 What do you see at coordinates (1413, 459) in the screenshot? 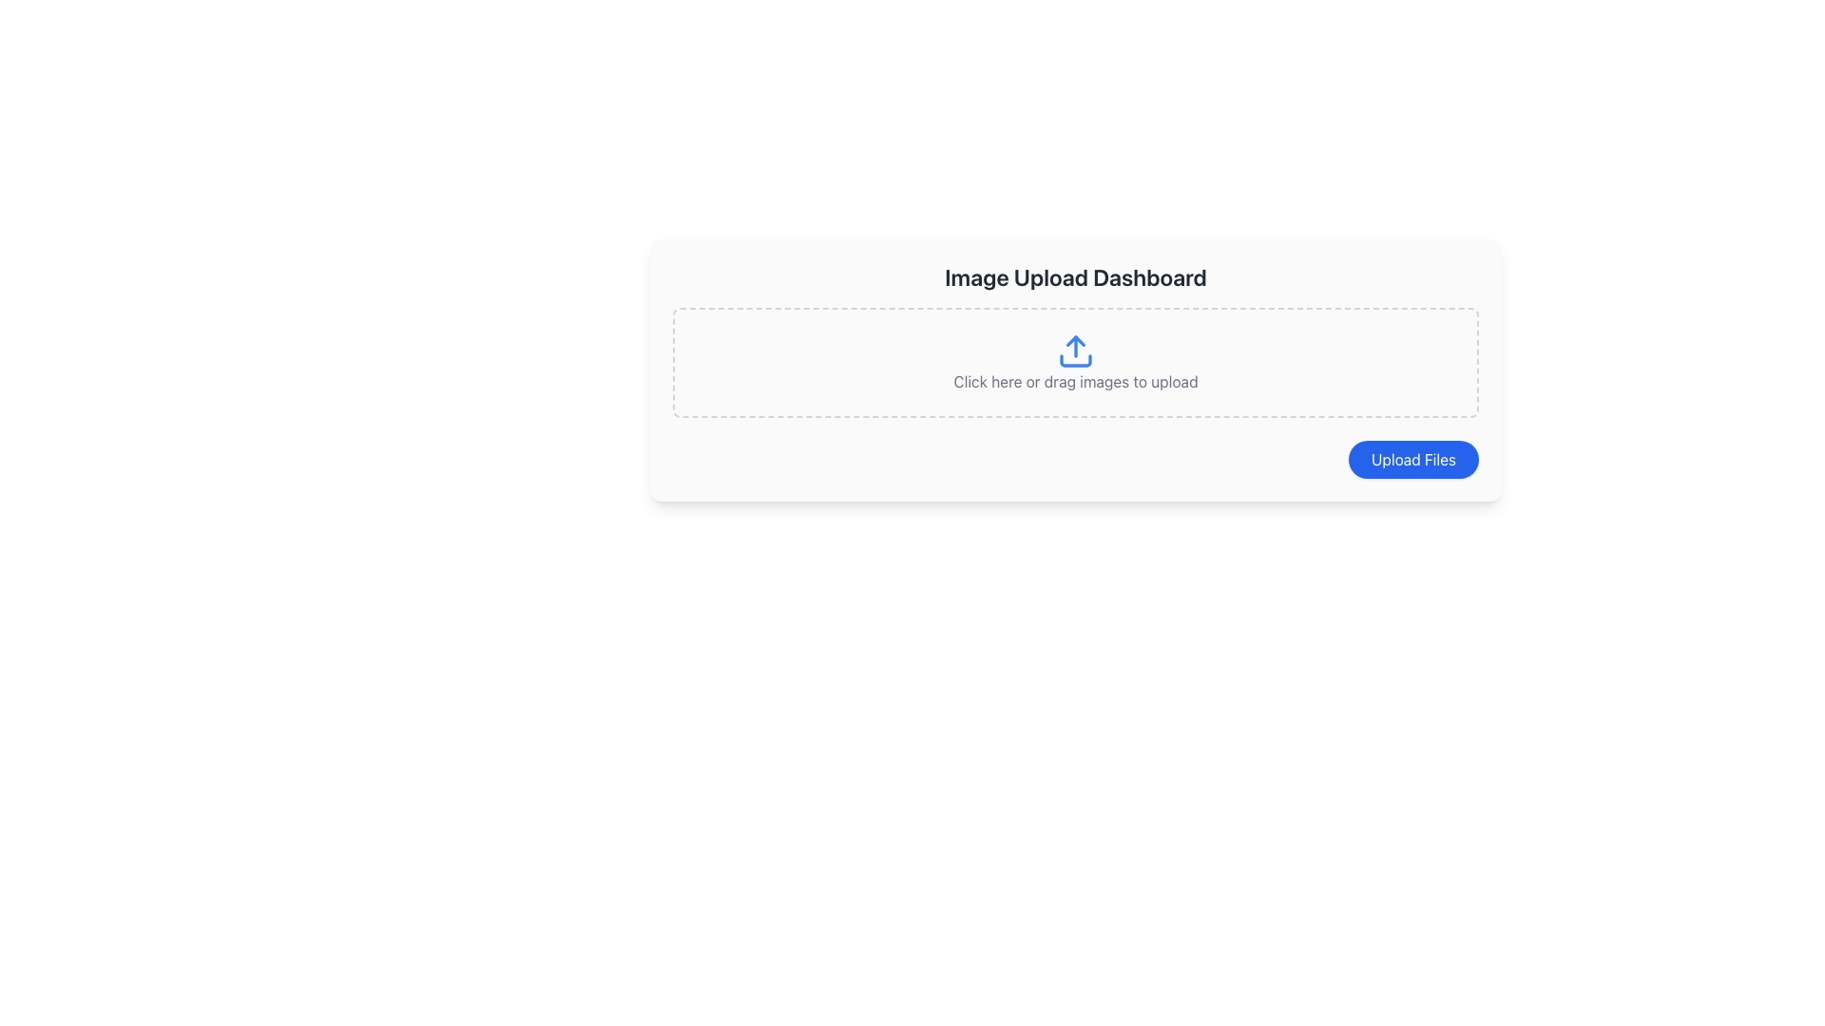
I see `the file upload button located at the bottom right of the interface` at bounding box center [1413, 459].